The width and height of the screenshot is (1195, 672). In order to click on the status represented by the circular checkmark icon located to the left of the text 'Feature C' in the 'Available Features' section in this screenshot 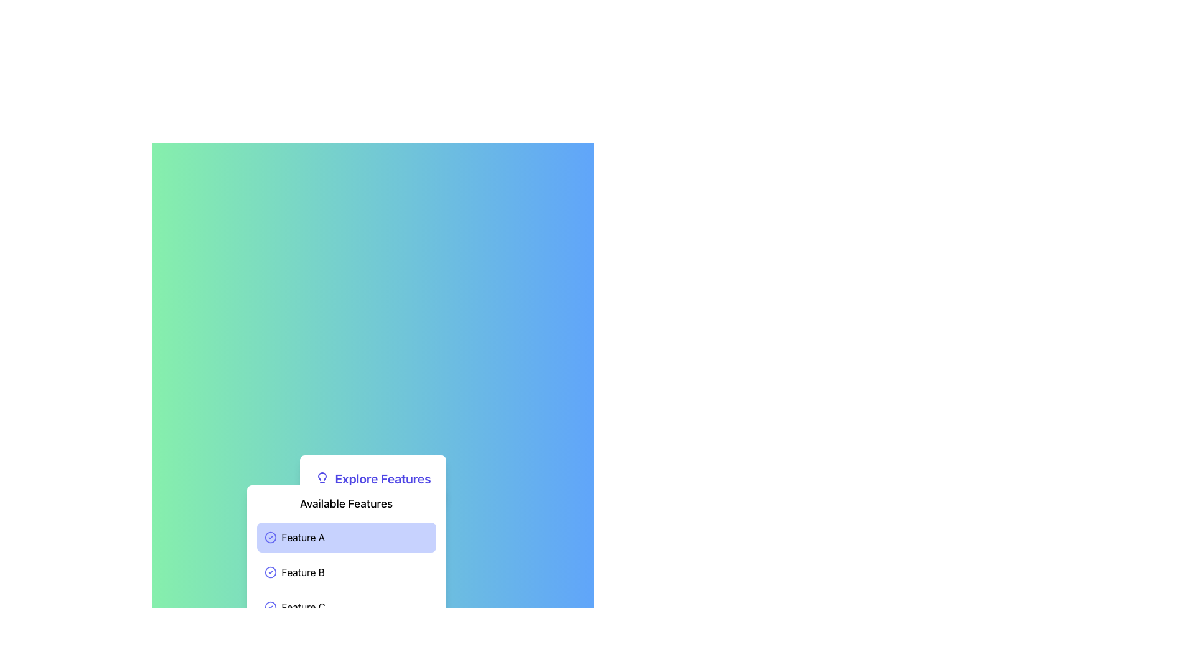, I will do `click(269, 606)`.